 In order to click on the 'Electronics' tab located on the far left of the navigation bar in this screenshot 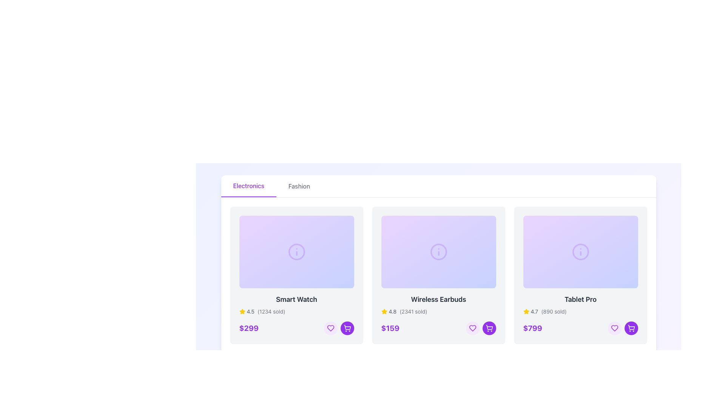, I will do `click(248, 186)`.